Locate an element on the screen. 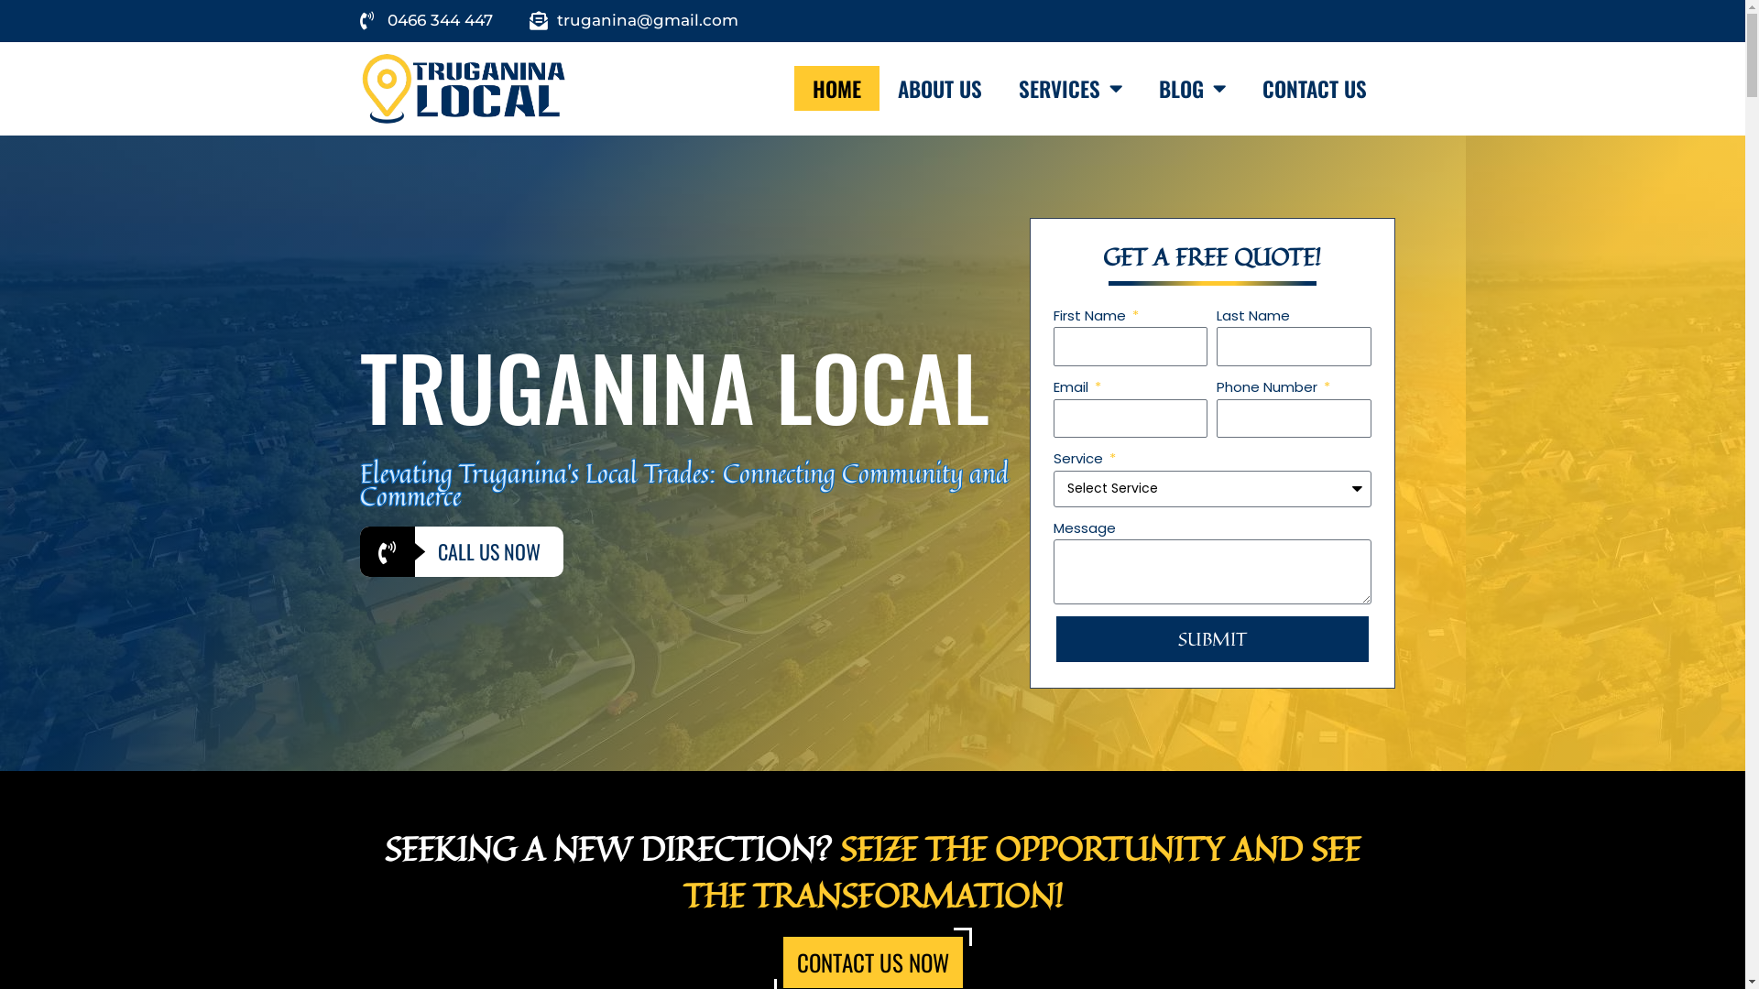  'truganina@gmail.com' is located at coordinates (633, 21).